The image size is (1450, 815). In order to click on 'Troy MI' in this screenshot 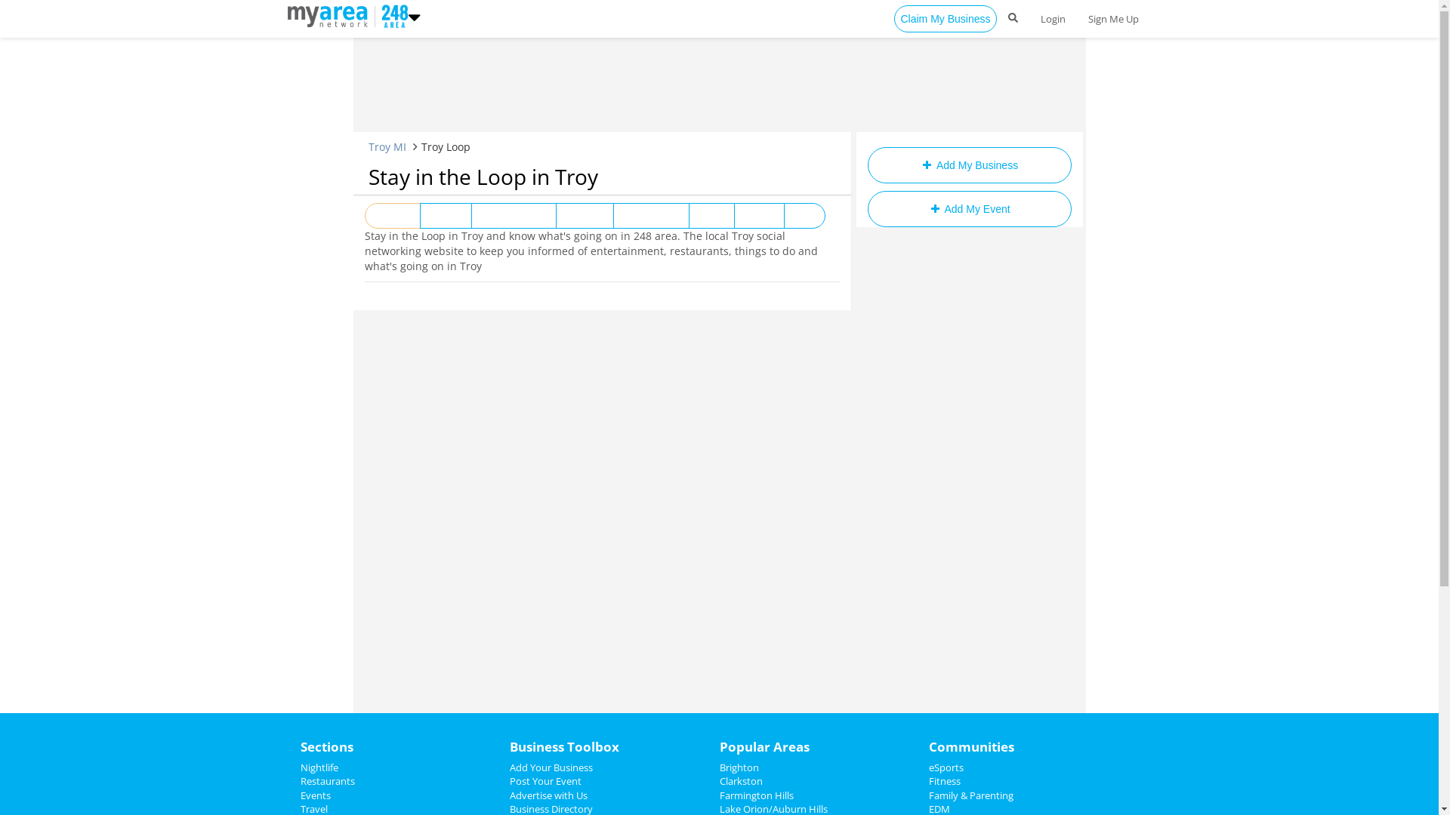, I will do `click(369, 146)`.